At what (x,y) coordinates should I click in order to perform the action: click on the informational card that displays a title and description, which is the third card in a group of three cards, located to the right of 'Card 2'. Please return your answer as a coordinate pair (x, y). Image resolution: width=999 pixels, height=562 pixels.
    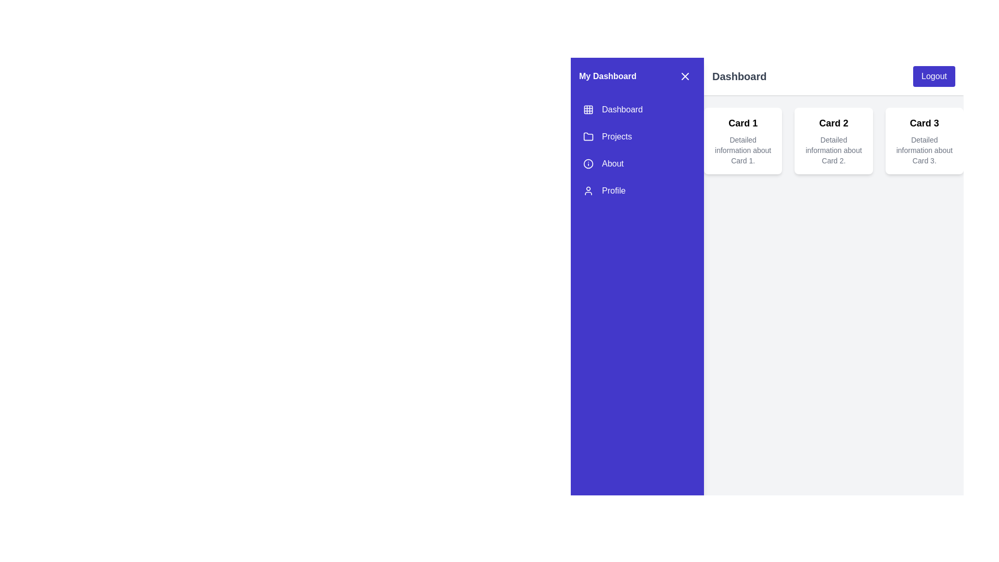
    Looking at the image, I should click on (924, 140).